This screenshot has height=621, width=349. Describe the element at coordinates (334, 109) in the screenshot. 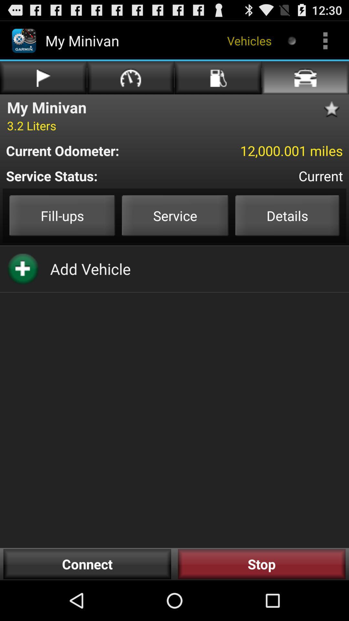

I see `star as favorite` at that location.